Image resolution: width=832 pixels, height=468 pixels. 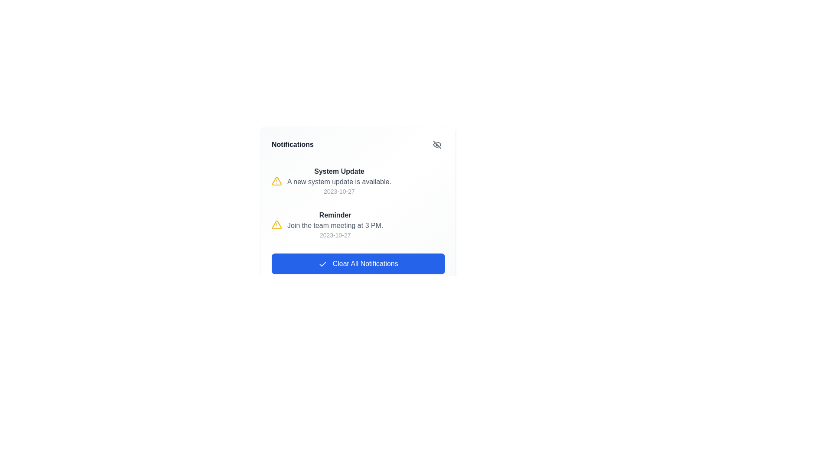 What do you see at coordinates (292, 144) in the screenshot?
I see `the text label that serves as the header for the notification panel, located at the top and centered horizontally, to provide context for the notifications below` at bounding box center [292, 144].